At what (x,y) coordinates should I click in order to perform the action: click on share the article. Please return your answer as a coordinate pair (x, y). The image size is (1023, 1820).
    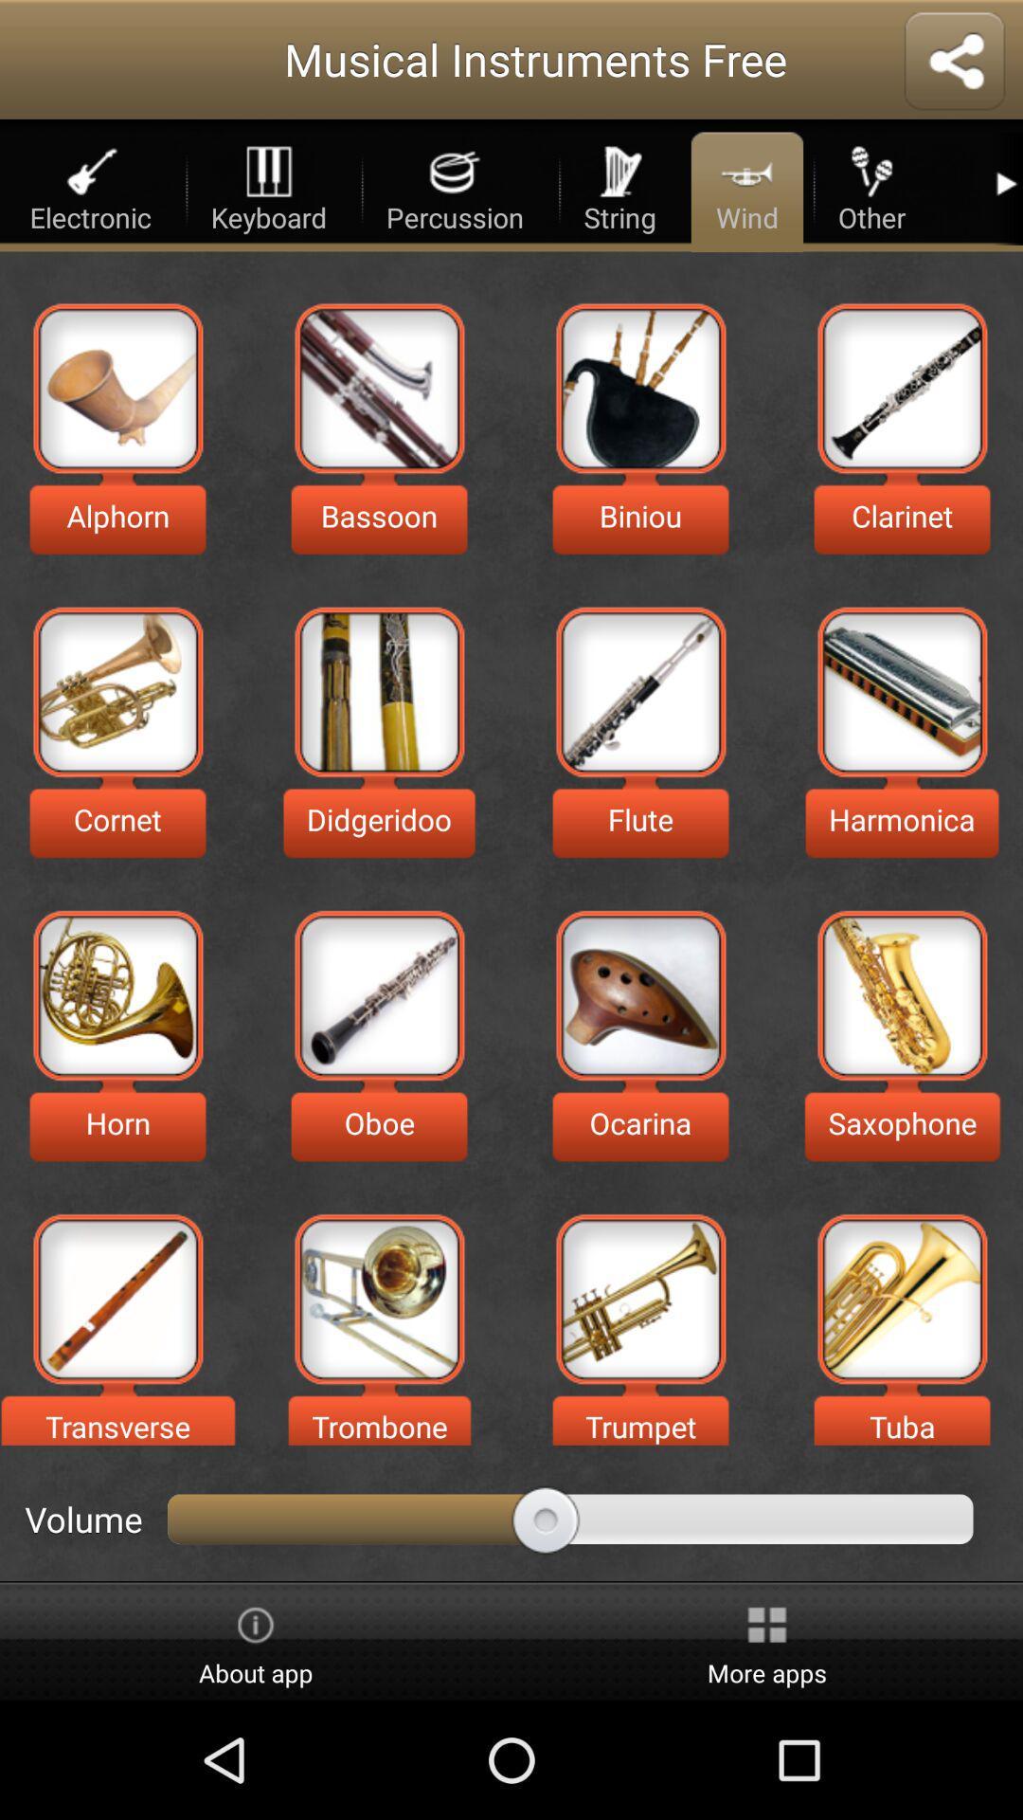
    Looking at the image, I should click on (954, 63).